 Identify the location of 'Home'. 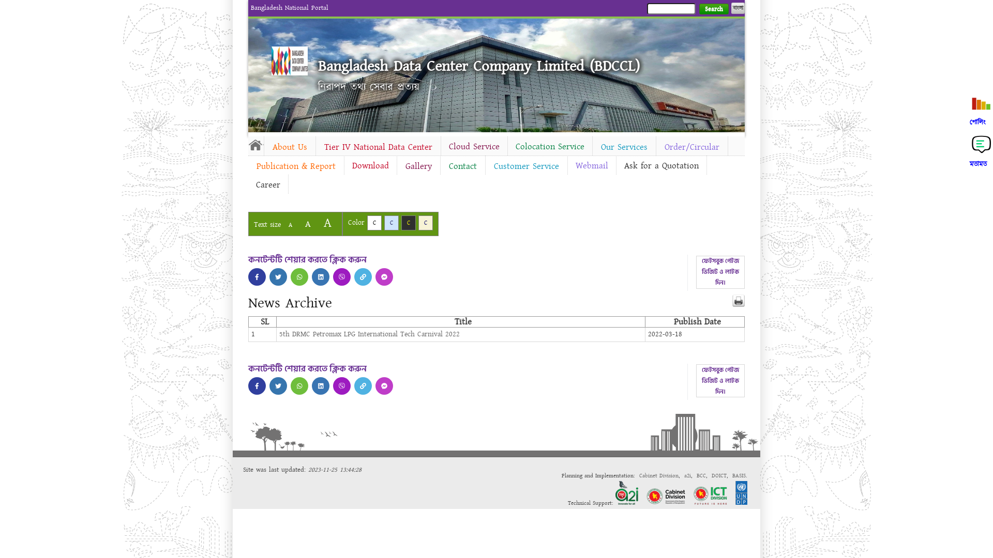
(255, 145).